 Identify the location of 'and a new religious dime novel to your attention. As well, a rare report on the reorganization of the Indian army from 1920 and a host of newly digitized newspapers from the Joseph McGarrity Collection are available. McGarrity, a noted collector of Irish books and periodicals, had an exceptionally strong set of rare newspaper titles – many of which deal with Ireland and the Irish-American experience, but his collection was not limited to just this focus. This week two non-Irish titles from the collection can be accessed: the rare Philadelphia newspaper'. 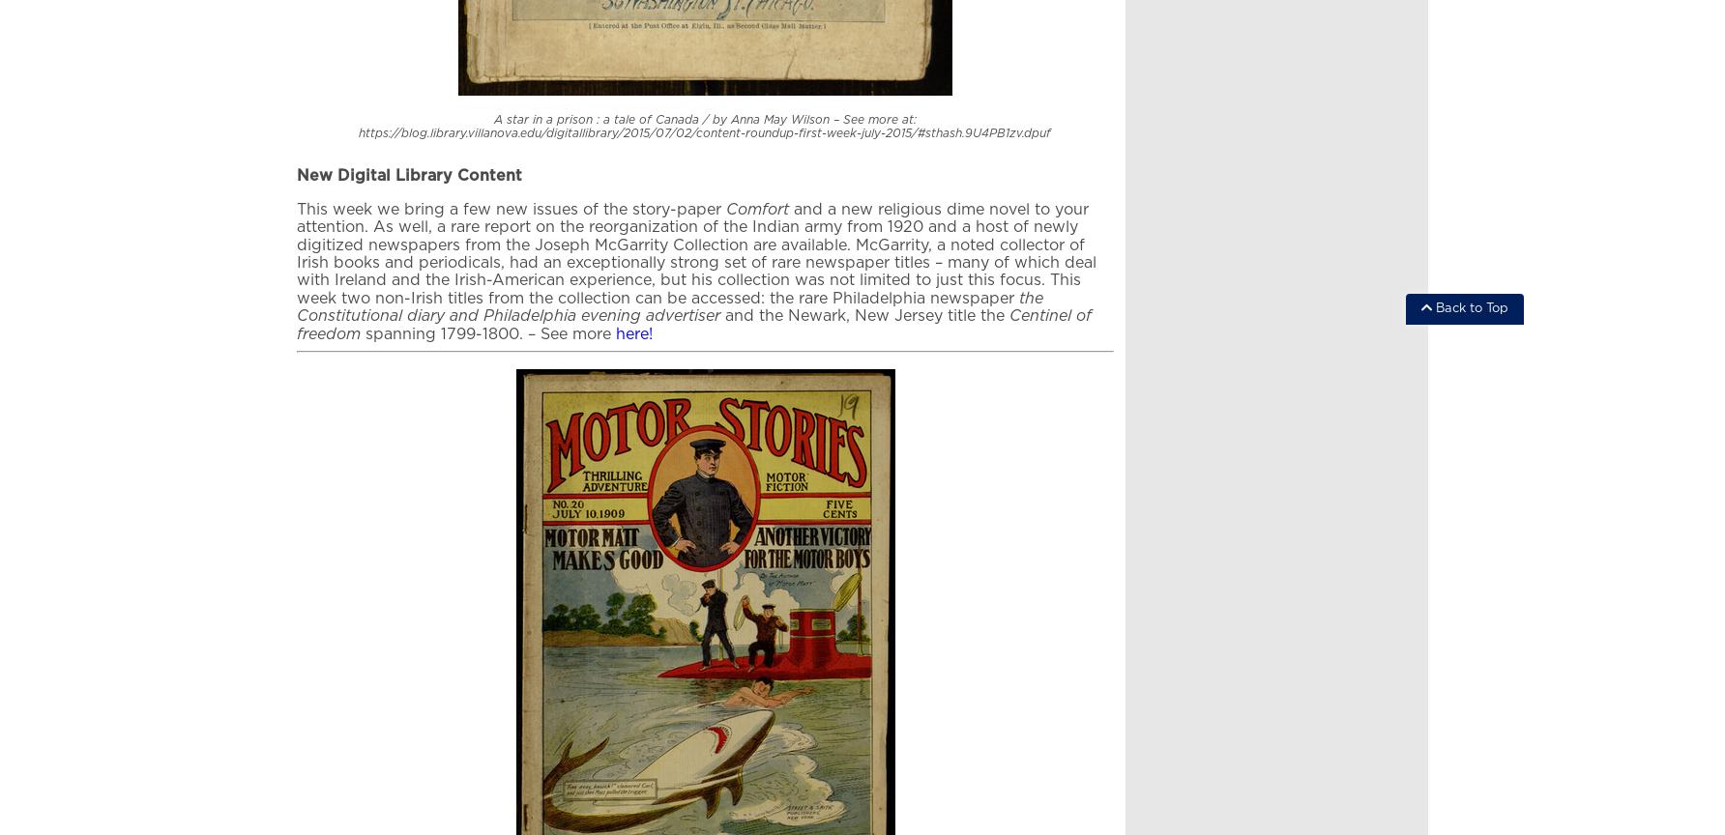
(696, 252).